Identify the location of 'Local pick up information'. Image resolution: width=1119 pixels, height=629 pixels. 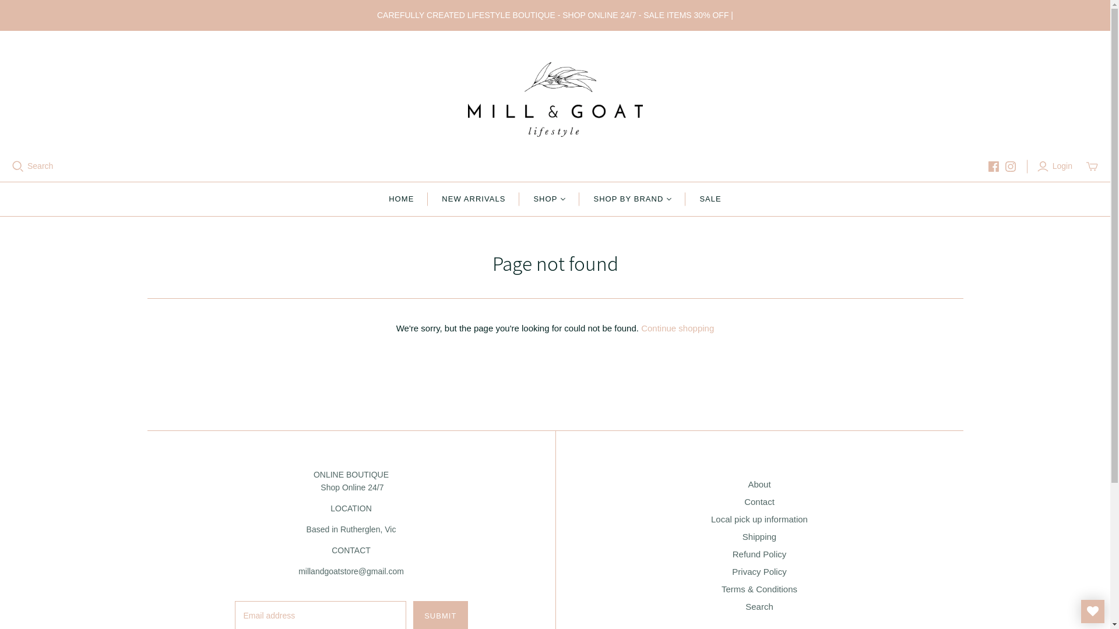
(759, 518).